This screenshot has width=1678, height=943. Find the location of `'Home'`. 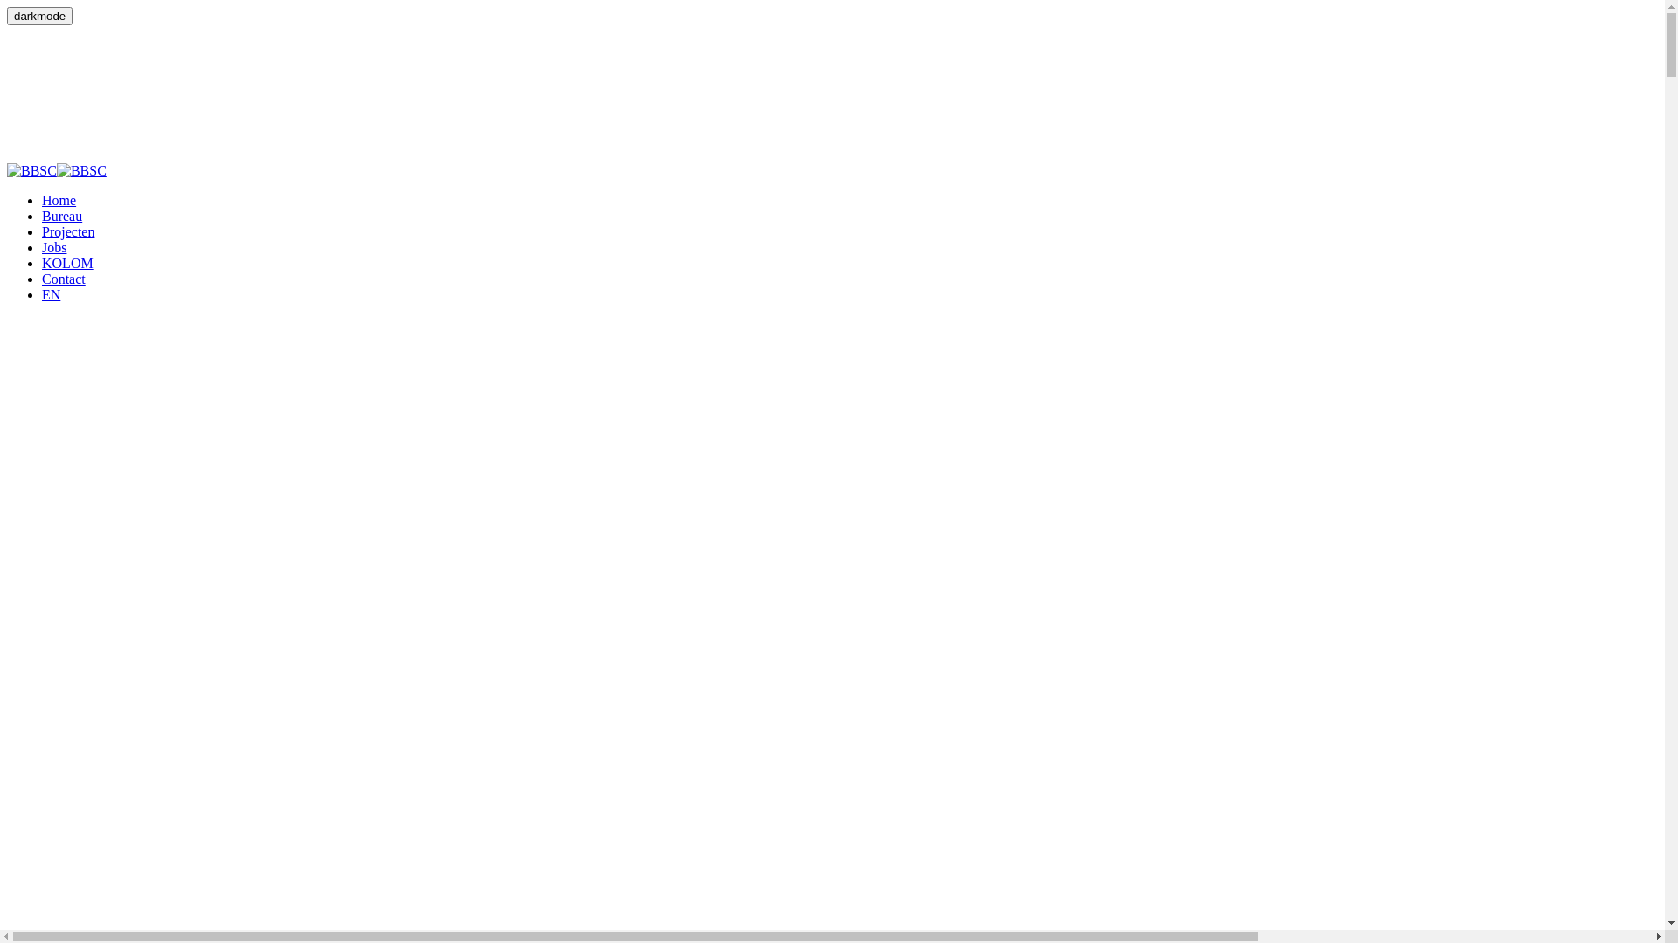

'Home' is located at coordinates (59, 199).